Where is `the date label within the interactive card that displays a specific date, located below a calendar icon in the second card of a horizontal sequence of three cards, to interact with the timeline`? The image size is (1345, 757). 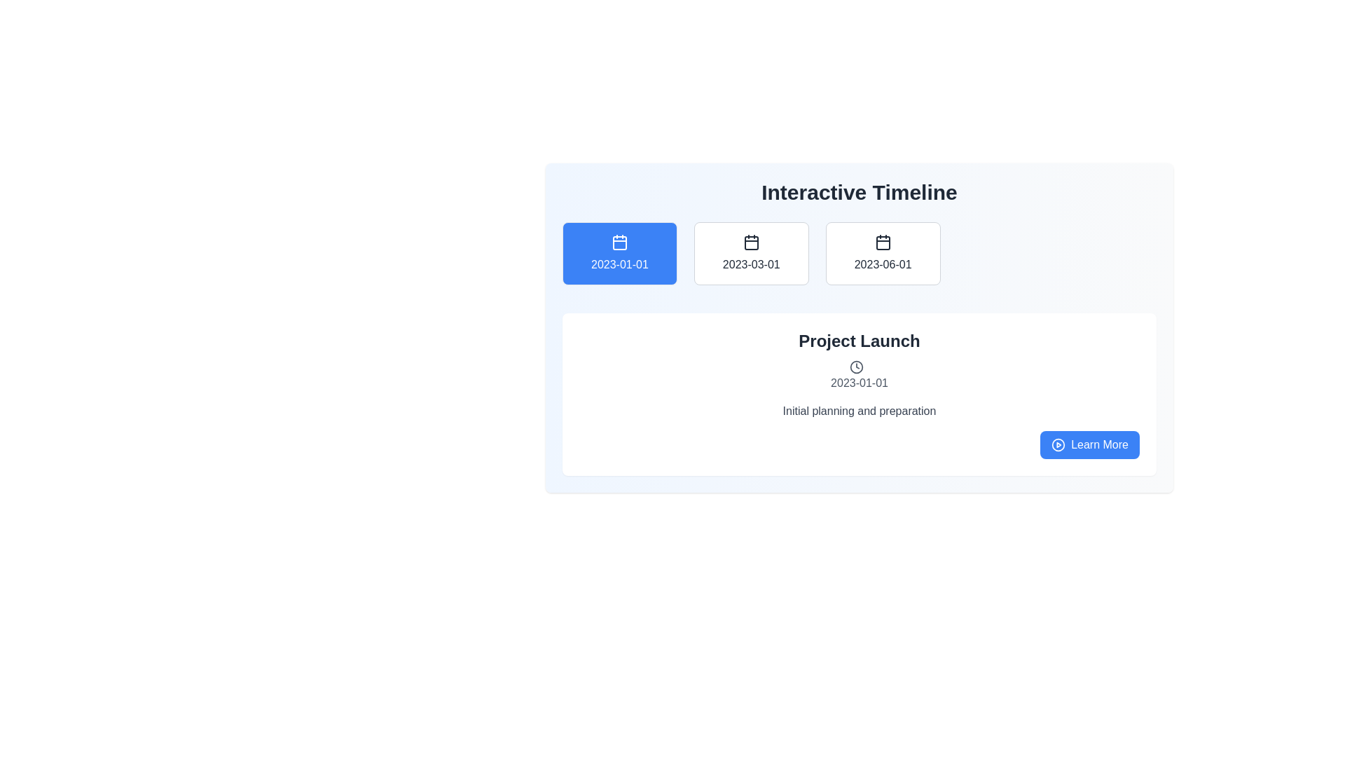 the date label within the interactive card that displays a specific date, located below a calendar icon in the second card of a horizontal sequence of three cards, to interact with the timeline is located at coordinates (750, 265).